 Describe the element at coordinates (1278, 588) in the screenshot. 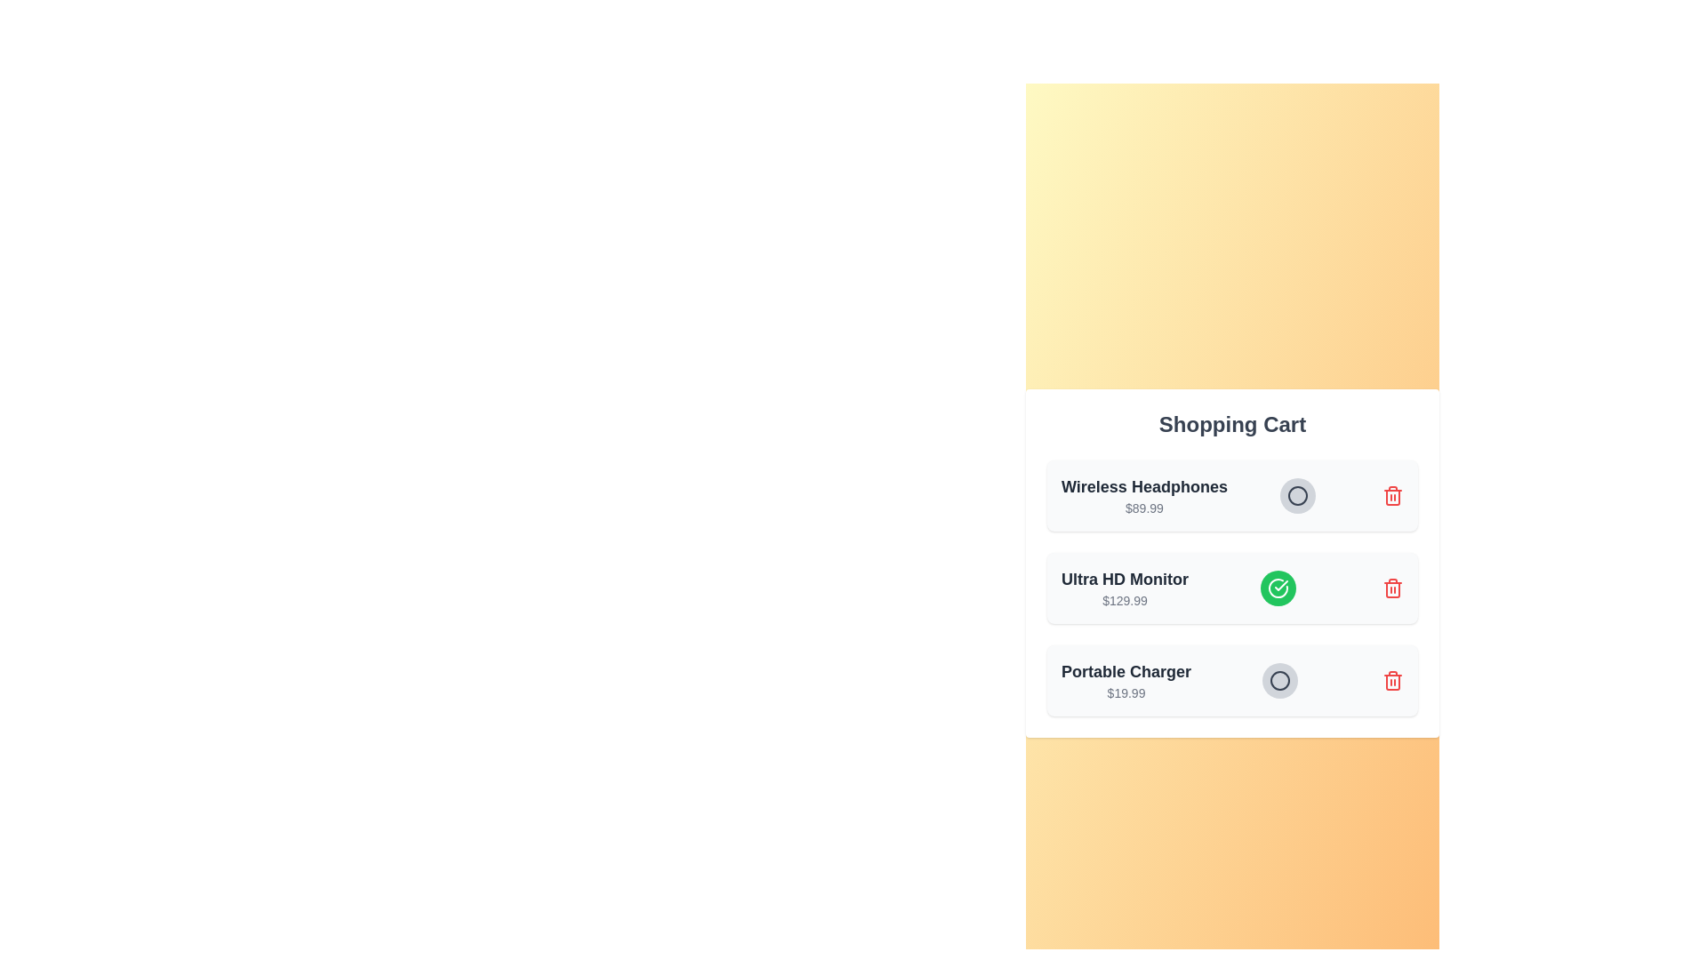

I see `the item Ultra HD Monitor in the shopping cart` at that location.